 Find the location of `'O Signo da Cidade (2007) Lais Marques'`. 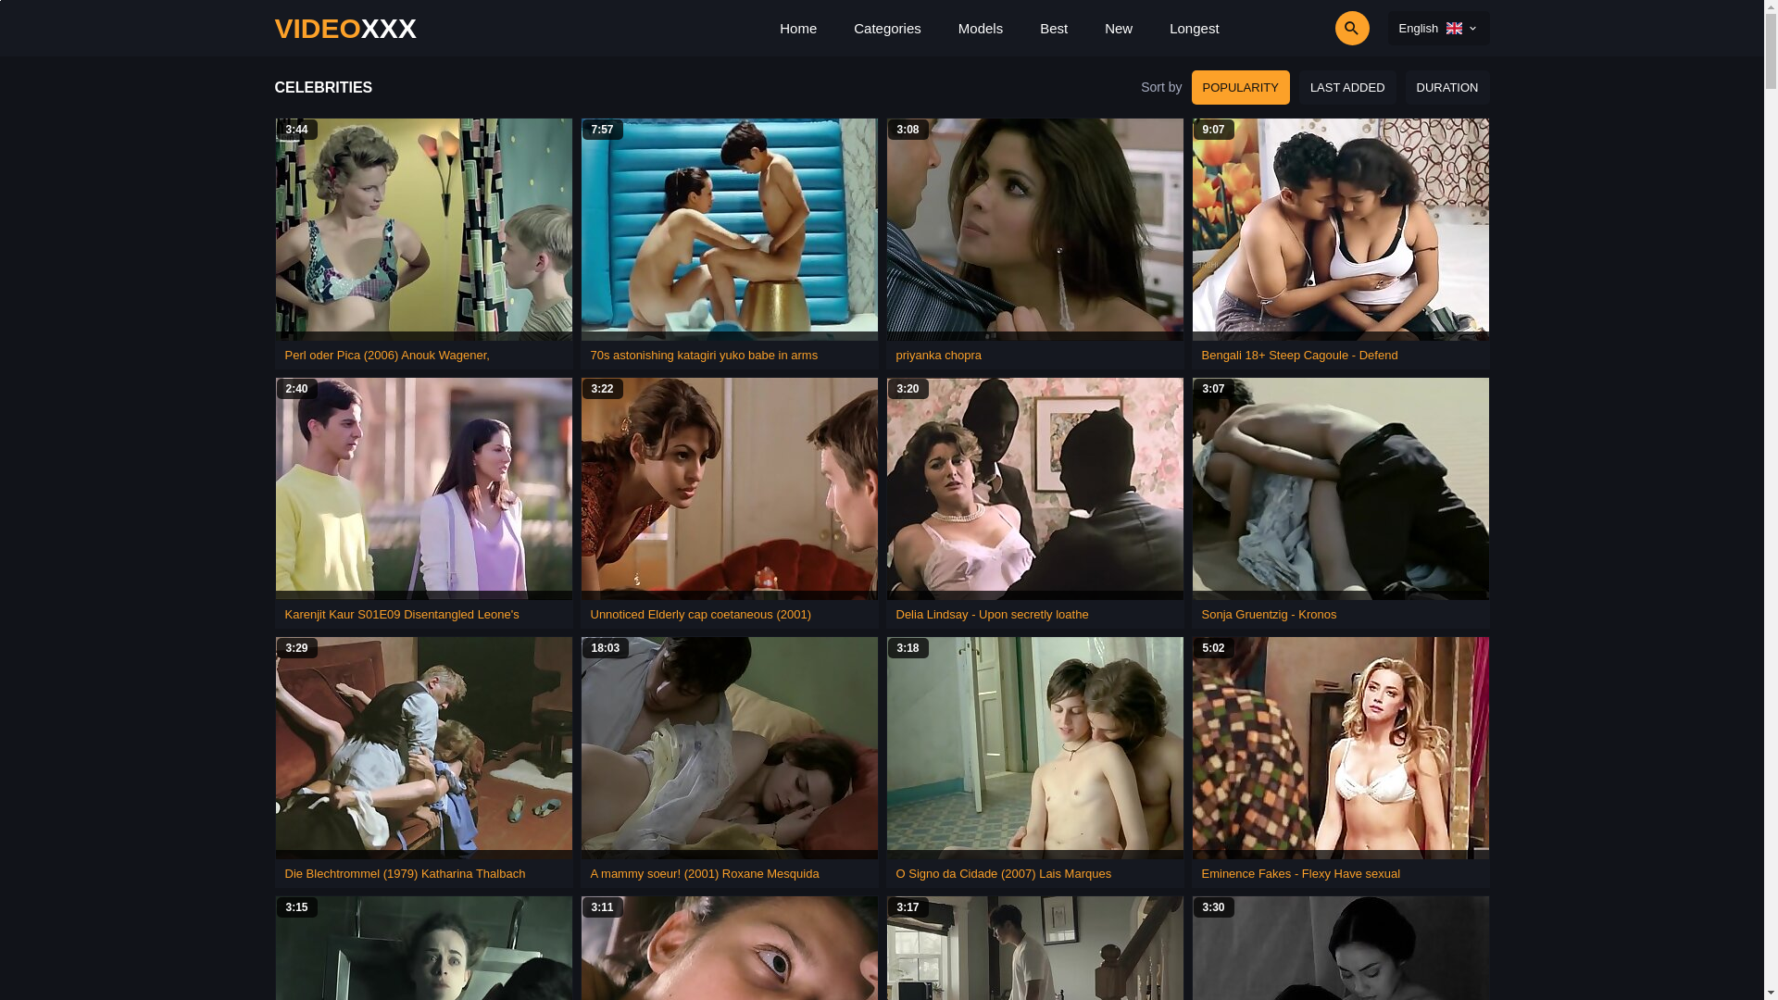

'O Signo da Cidade (2007) Lais Marques' is located at coordinates (1003, 873).